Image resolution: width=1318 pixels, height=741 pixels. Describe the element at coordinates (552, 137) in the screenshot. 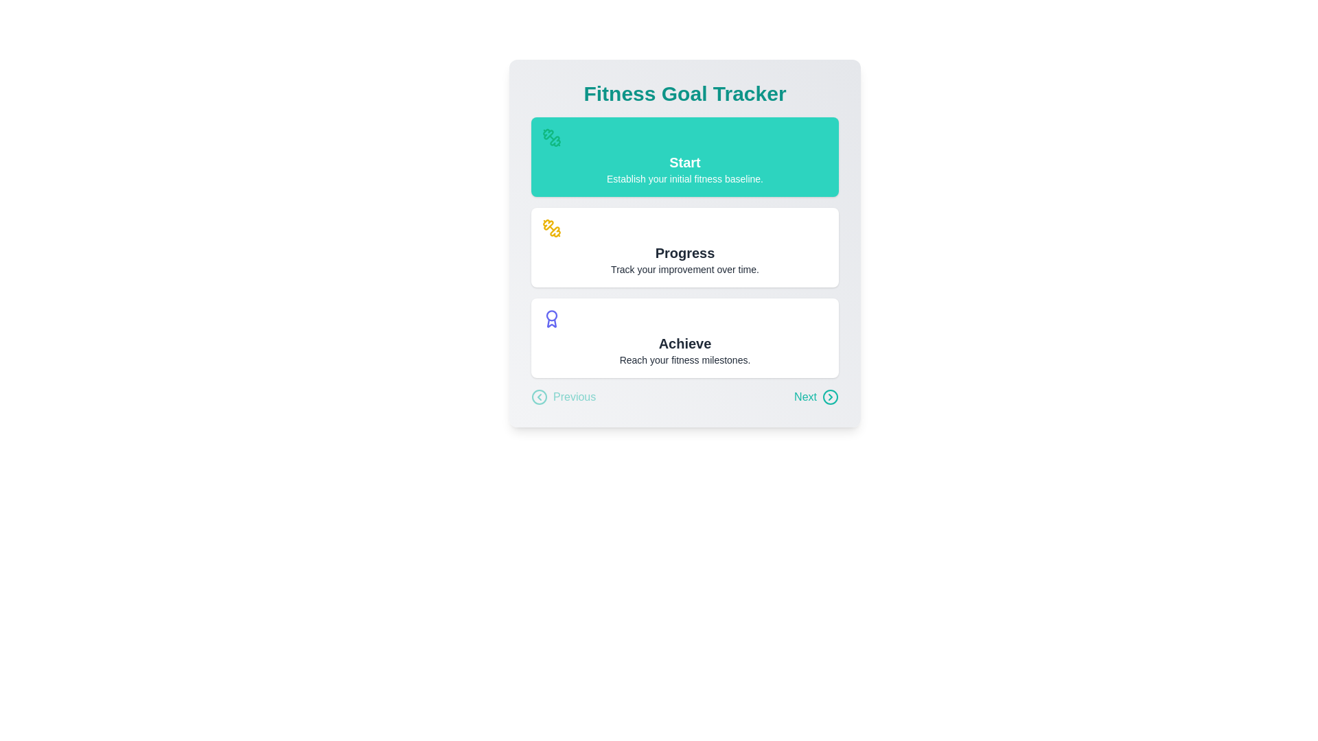

I see `the small green dumbbell icon located to the left of the 'Start' option in the 'Fitness Goal Tracker' interface` at that location.